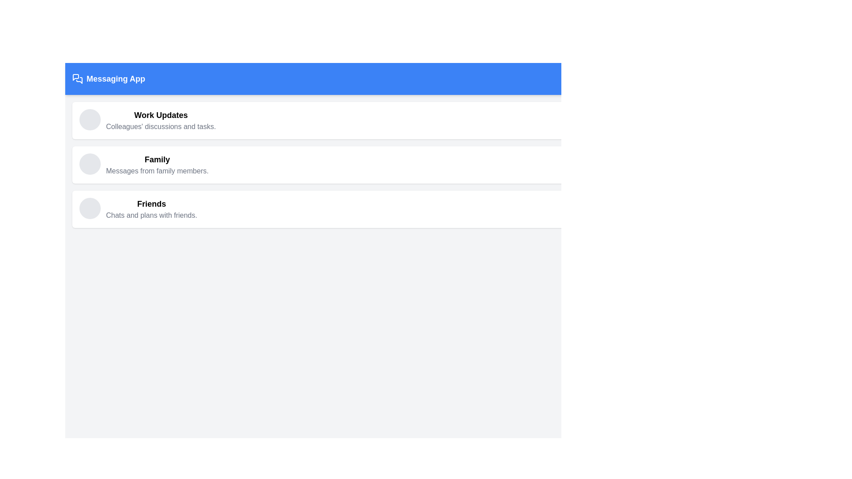 Image resolution: width=852 pixels, height=479 pixels. I want to click on the circular, light gray, non-interactive decorative icon located to the left of the 'Family' label in the interface, so click(90, 164).